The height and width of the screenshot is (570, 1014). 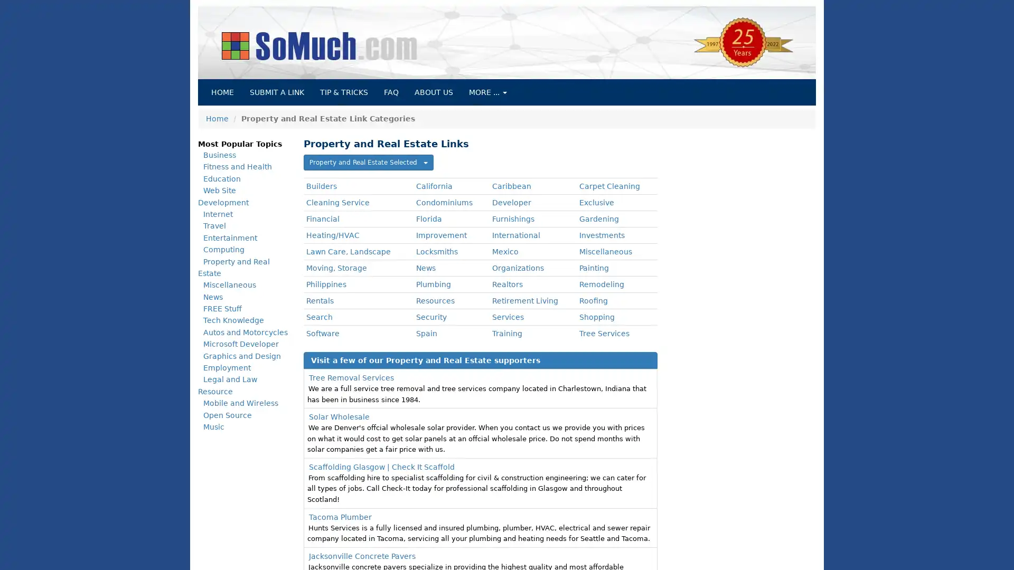 I want to click on Property and Real Estate Selected, so click(x=368, y=163).